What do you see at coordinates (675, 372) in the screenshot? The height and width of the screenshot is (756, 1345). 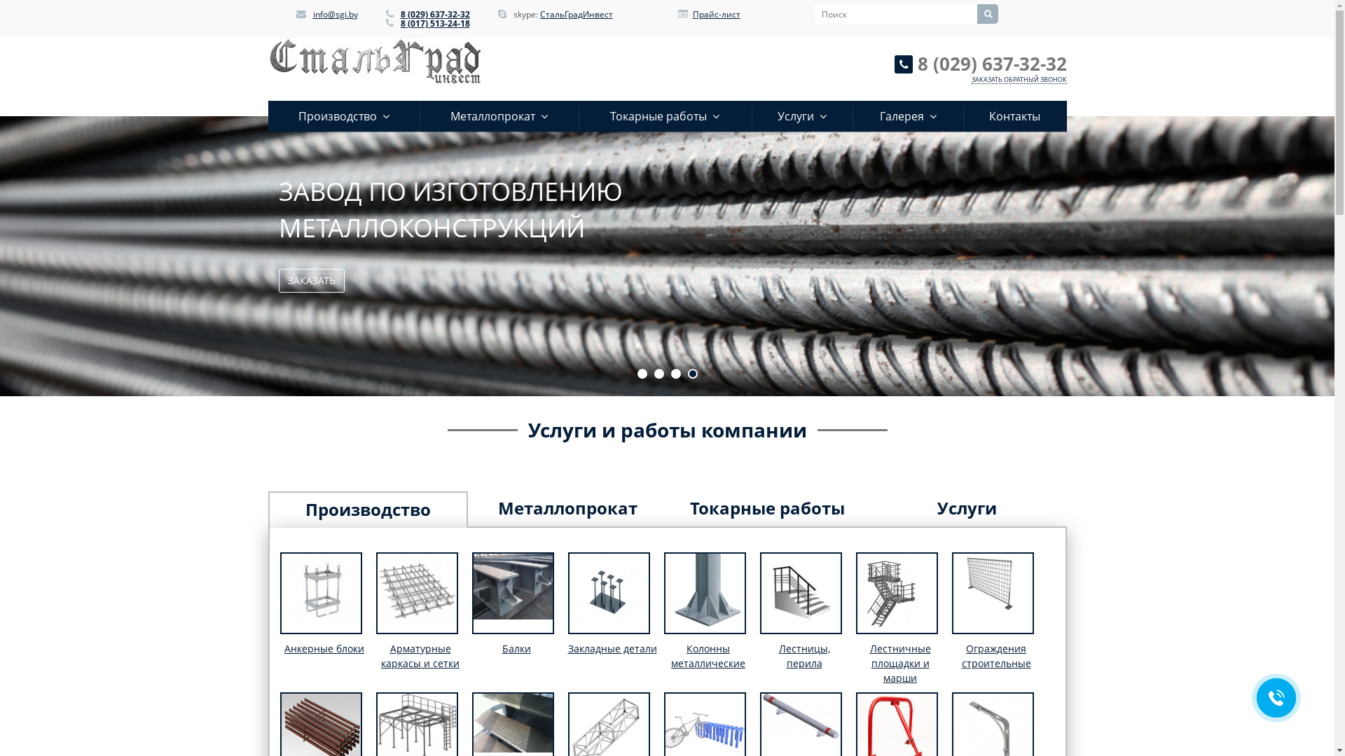 I see `'3'` at bounding box center [675, 372].